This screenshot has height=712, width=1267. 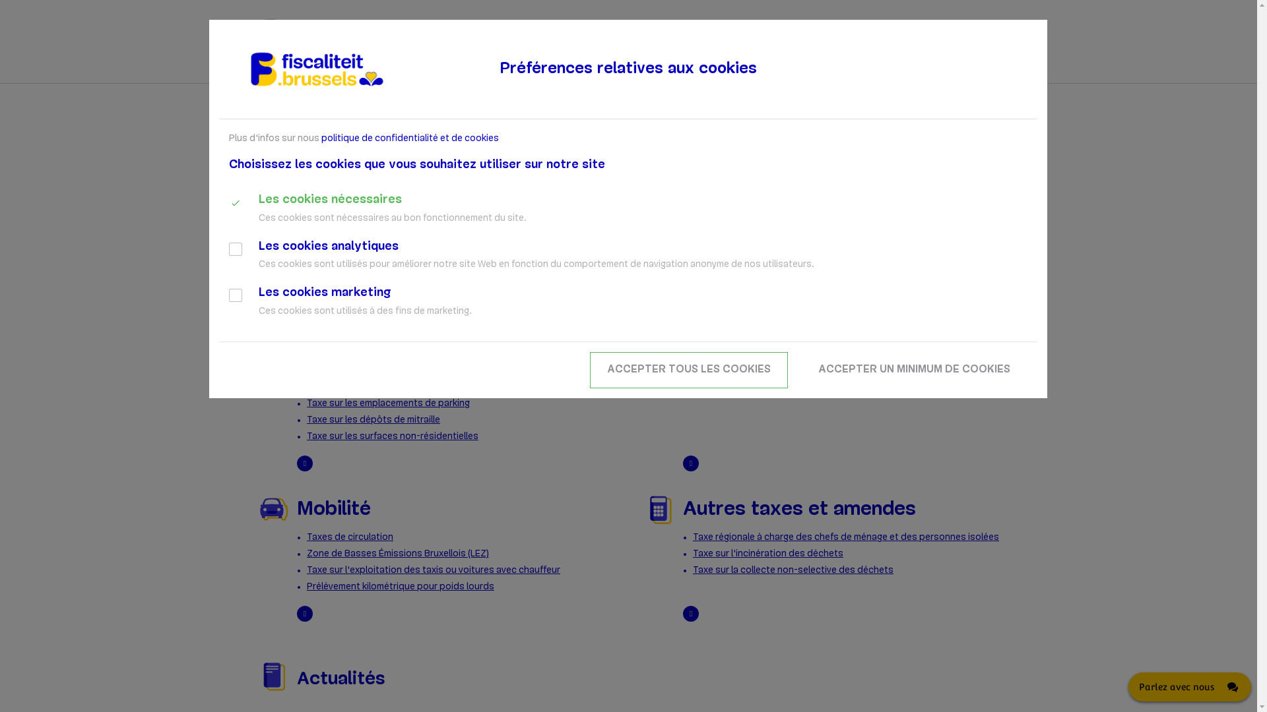 What do you see at coordinates (937, 73) in the screenshot?
I see `'AIDE'` at bounding box center [937, 73].